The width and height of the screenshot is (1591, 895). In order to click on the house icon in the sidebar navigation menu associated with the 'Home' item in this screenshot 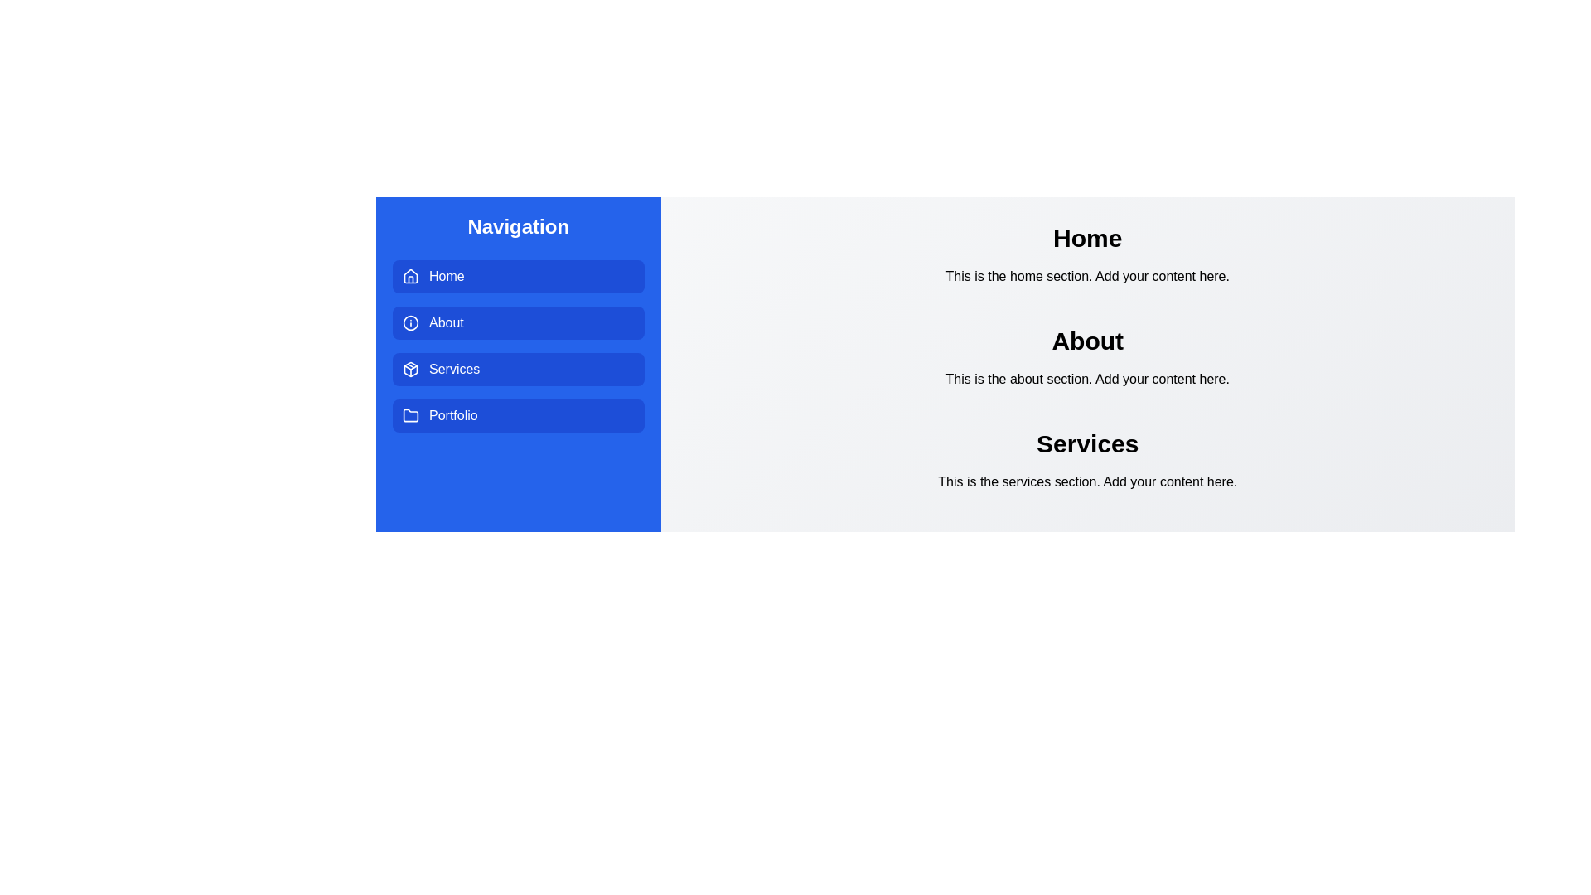, I will do `click(410, 274)`.